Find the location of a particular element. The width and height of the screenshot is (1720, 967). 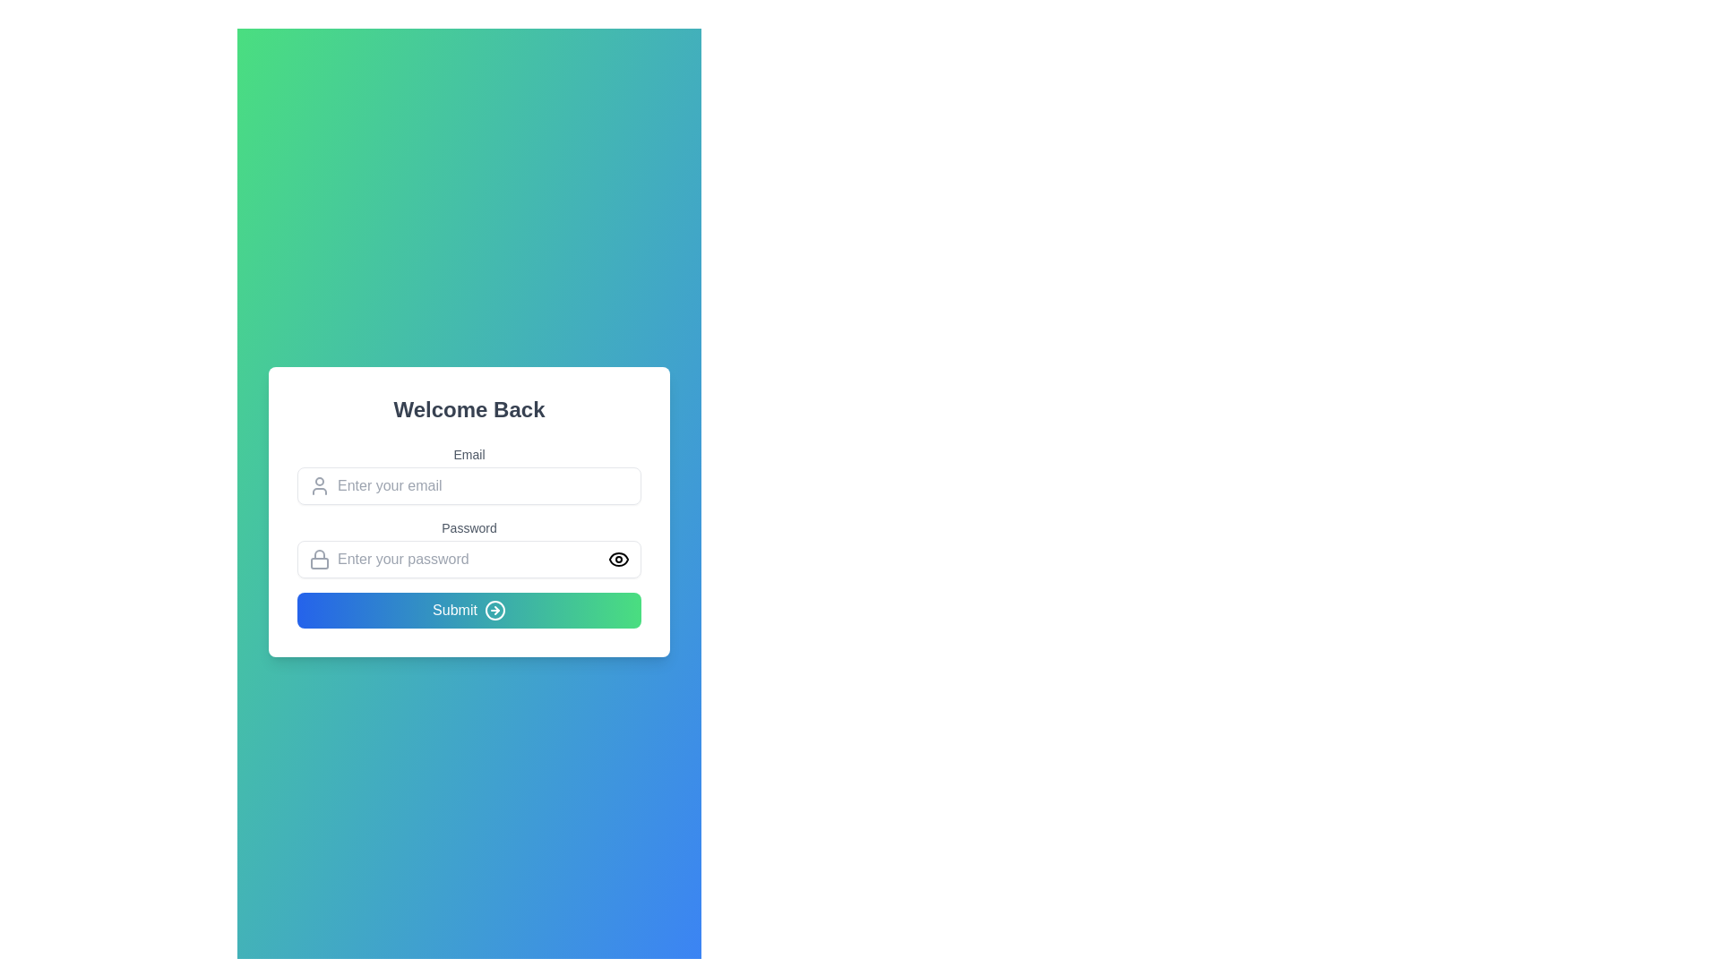

within the Password input field is located at coordinates (469, 548).